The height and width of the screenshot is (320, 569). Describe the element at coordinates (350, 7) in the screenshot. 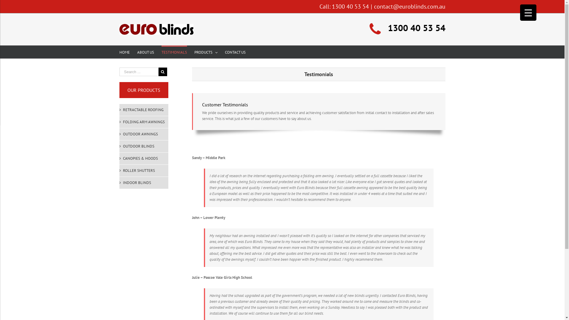

I see `'1300 40 53 54'` at that location.